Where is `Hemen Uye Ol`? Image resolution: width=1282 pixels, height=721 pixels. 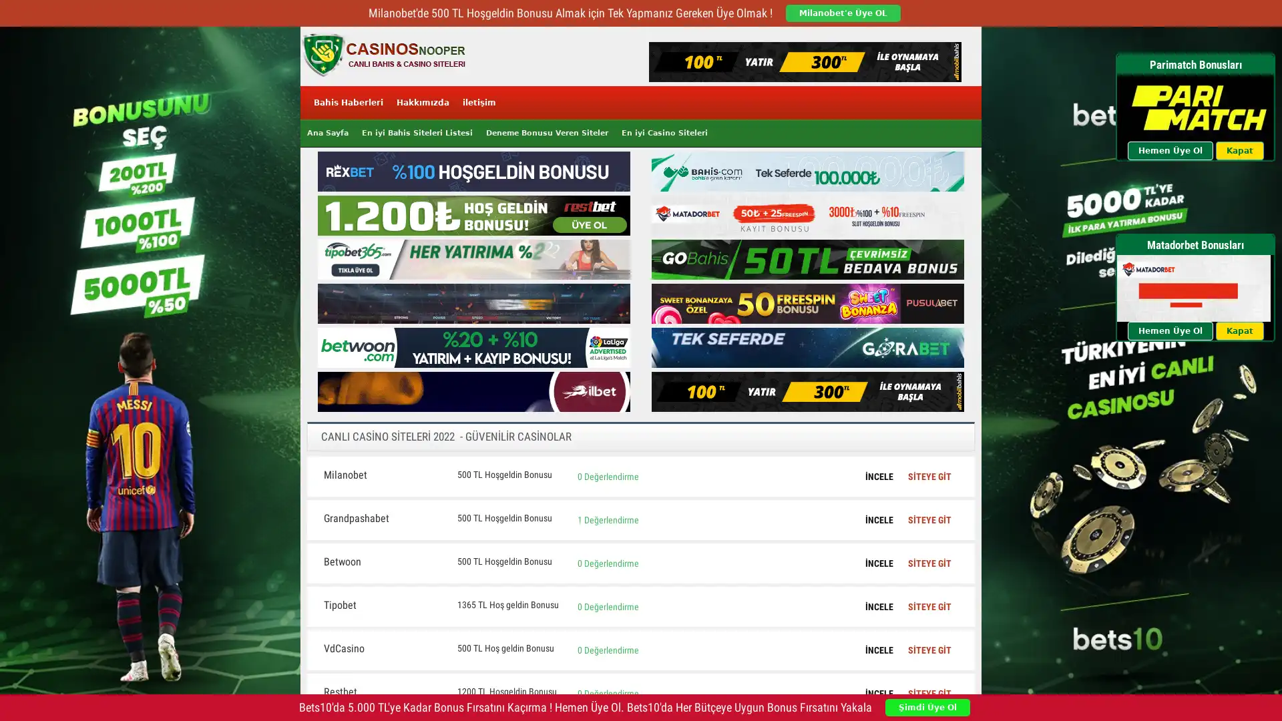
Hemen Uye Ol is located at coordinates (1169, 330).